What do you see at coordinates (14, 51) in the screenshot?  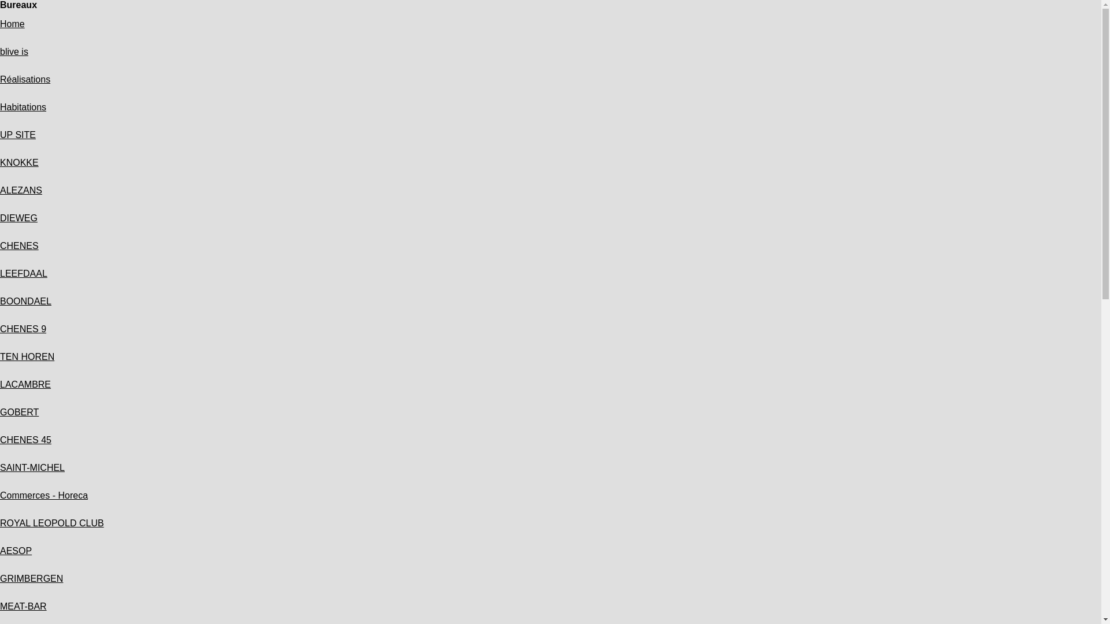 I see `'blive is'` at bounding box center [14, 51].